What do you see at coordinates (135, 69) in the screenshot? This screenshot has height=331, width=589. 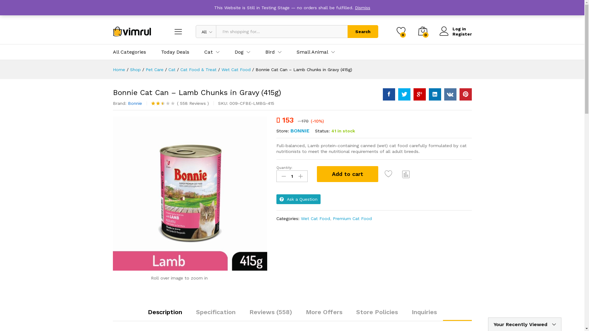 I see `'Shop'` at bounding box center [135, 69].